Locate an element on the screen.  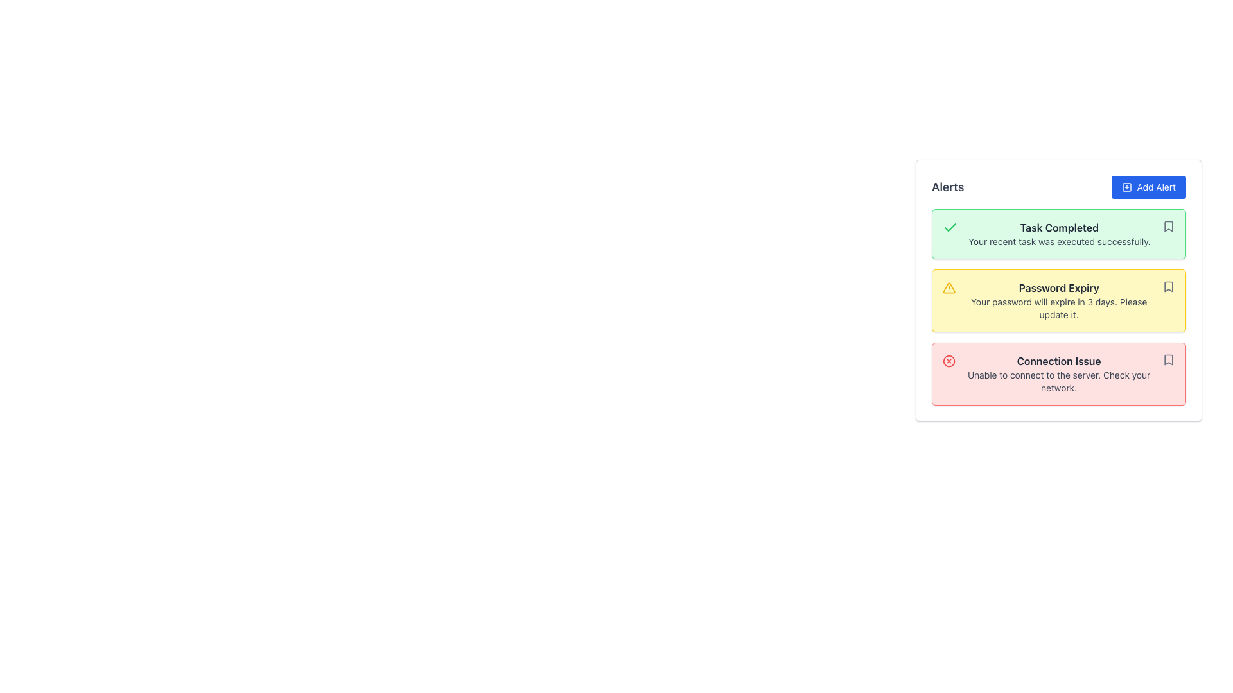
the icon representing the action of adding an alert, located in the top-right corner of the Alerts section, to the left of the 'Add Alert' text label is located at coordinates (1126, 187).